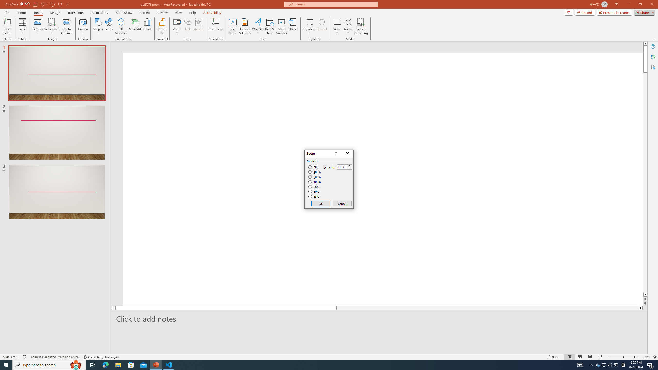 The width and height of the screenshot is (658, 370). I want to click on 'SmartArt...', so click(135, 26).